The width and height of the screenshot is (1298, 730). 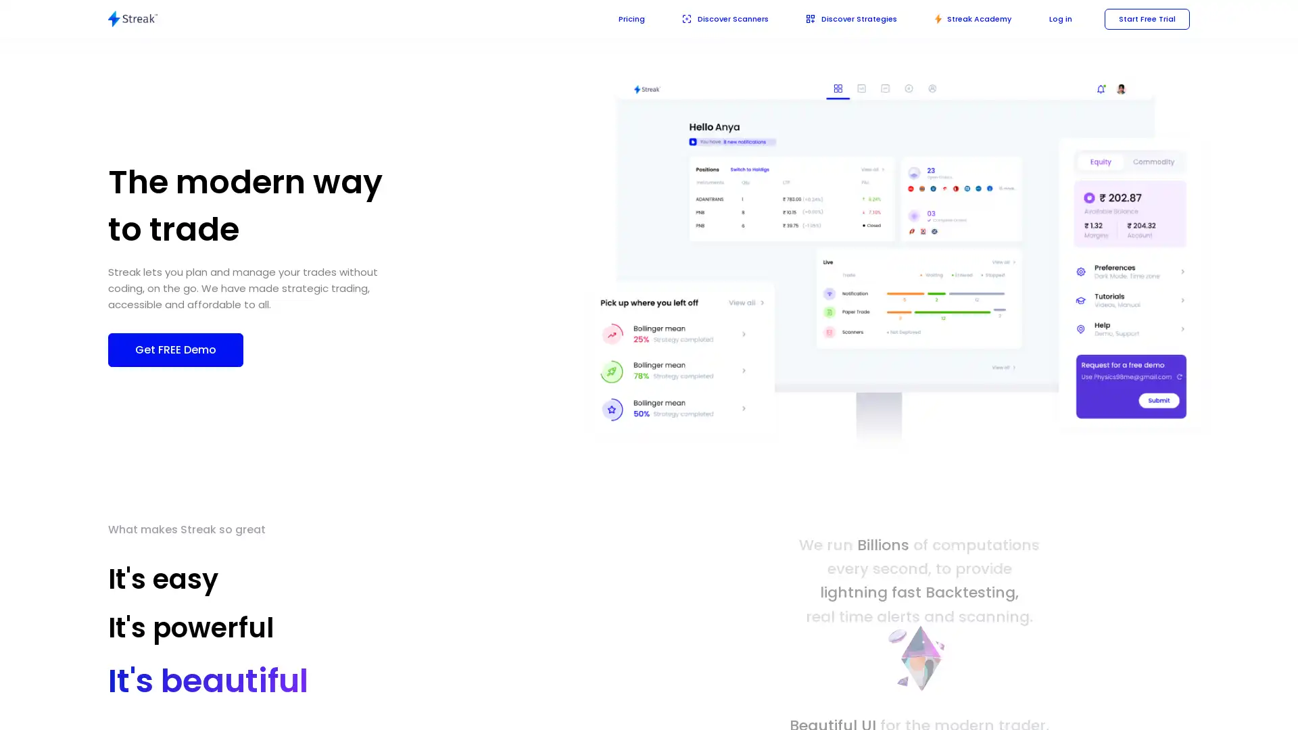 I want to click on Get FREE Demo, so click(x=174, y=348).